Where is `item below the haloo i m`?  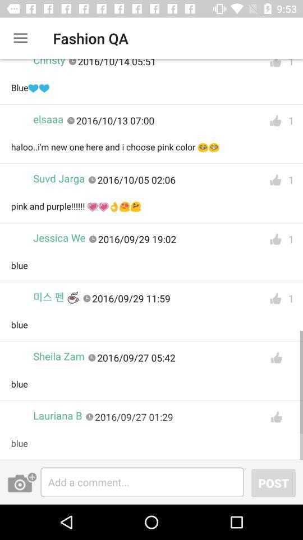 item below the haloo i m is located at coordinates (59, 178).